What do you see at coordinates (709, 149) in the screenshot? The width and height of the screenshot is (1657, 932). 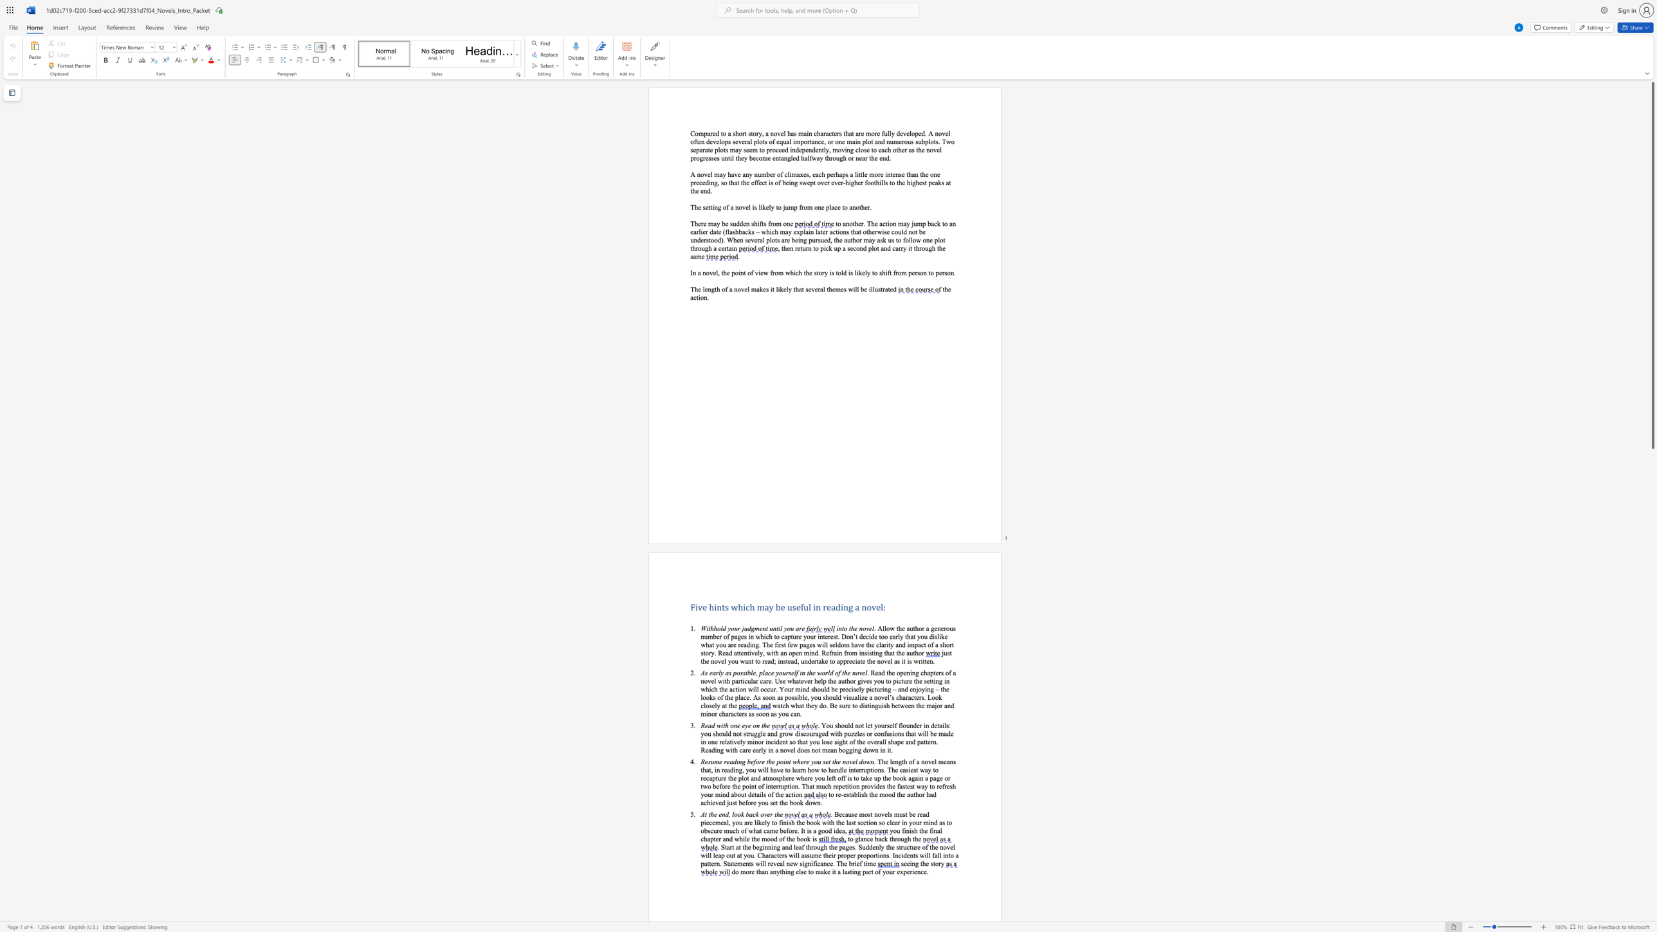 I see `the 2th character "t" in the text` at bounding box center [709, 149].